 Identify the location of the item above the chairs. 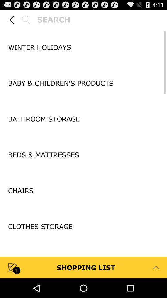
(83, 173).